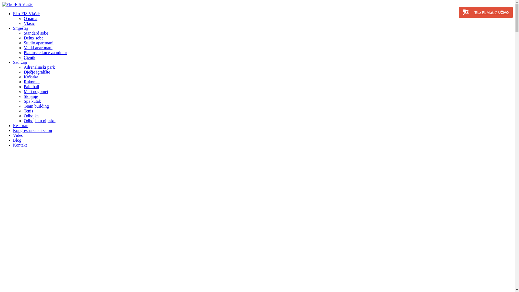 Image resolution: width=519 pixels, height=292 pixels. What do you see at coordinates (23, 96) in the screenshot?
I see `'Skijanje'` at bounding box center [23, 96].